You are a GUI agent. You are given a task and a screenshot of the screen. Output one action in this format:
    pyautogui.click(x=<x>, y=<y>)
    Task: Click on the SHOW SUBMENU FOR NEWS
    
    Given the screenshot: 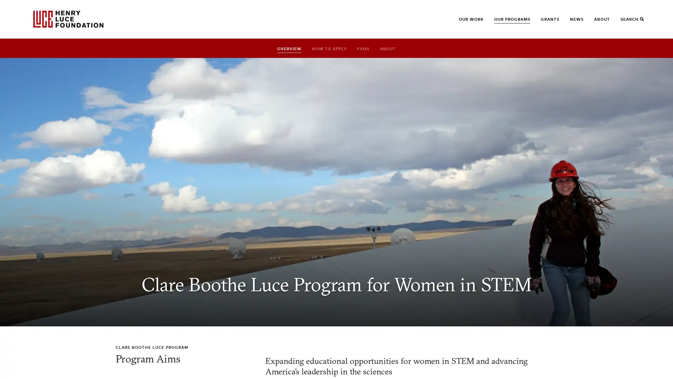 What is the action you would take?
    pyautogui.click(x=581, y=22)
    